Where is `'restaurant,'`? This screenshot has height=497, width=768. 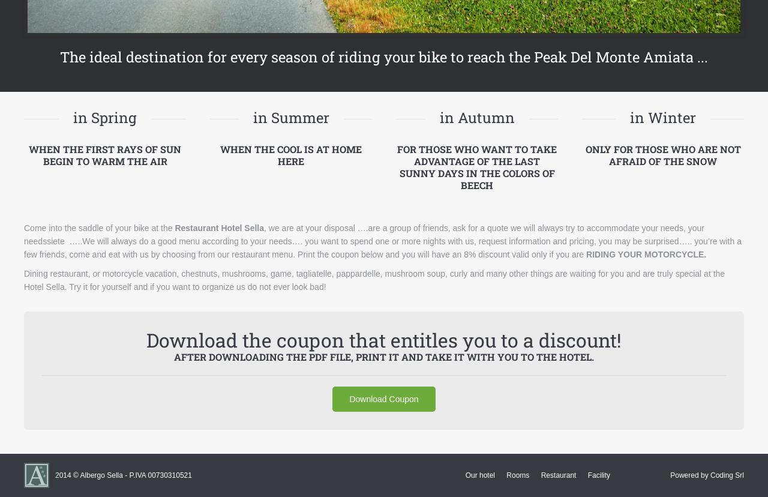 'restaurant,' is located at coordinates (49, 272).